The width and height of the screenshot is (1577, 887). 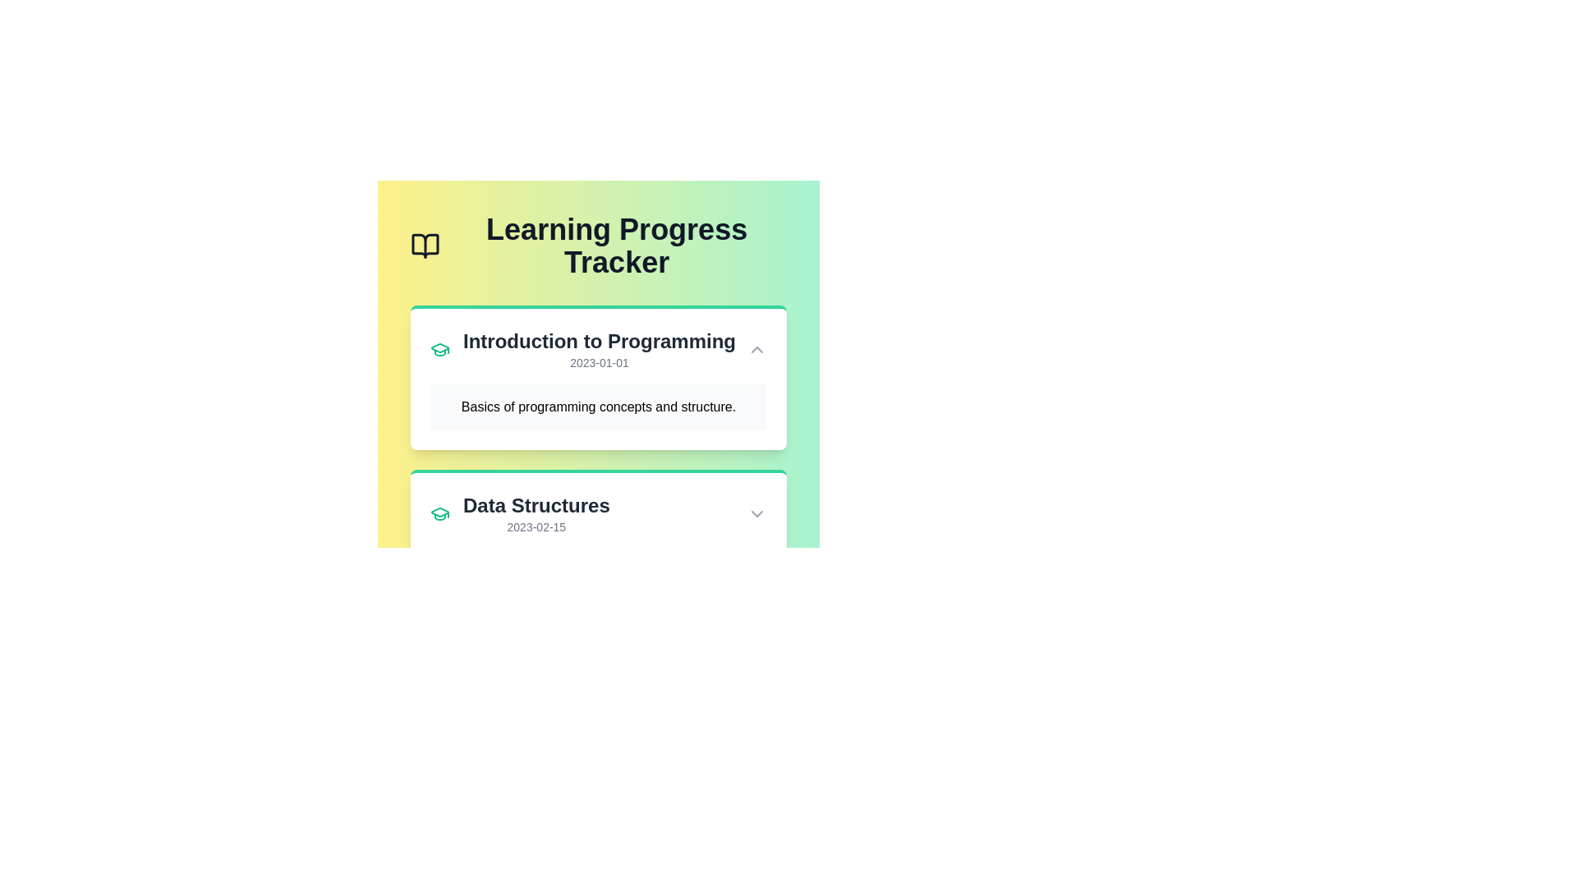 I want to click on the green graduation cap icon associated with the 'Data Structures' module in the 'Learning Progress Tracker' section, so click(x=519, y=512).